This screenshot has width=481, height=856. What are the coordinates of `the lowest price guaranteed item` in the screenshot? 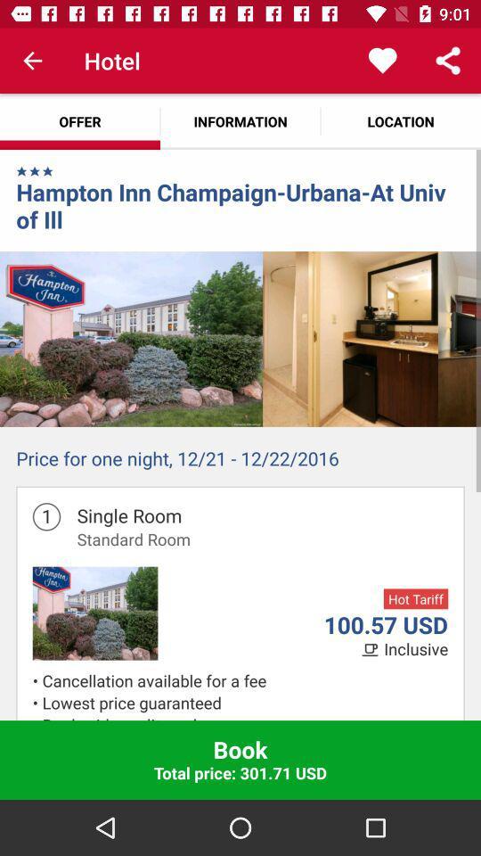 It's located at (244, 703).